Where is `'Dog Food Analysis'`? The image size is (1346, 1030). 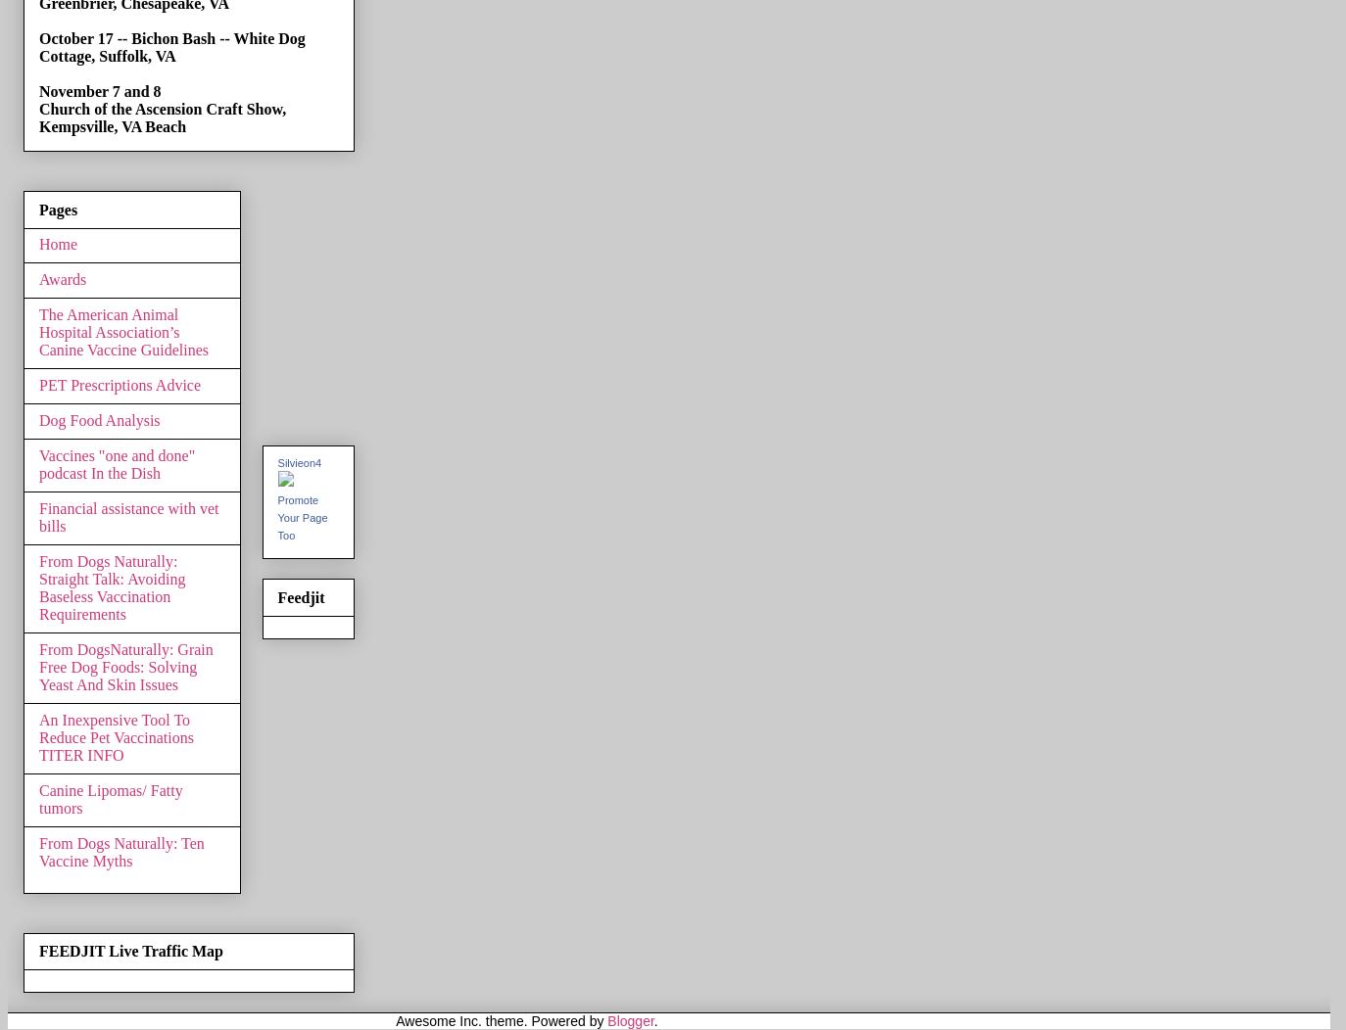
'Dog Food Analysis' is located at coordinates (37, 418).